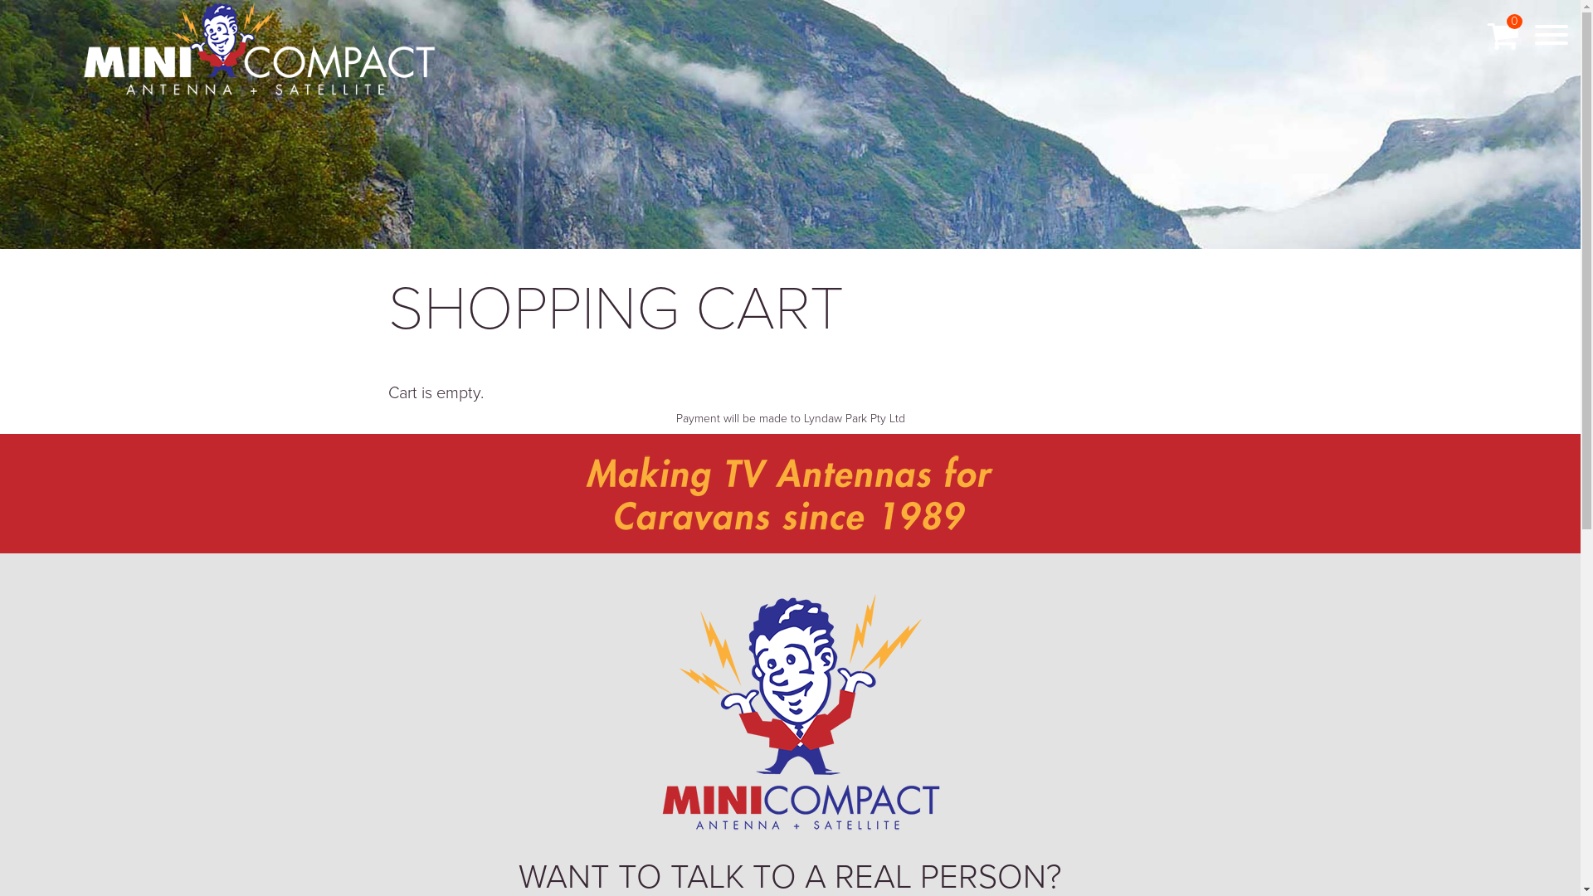 This screenshot has height=896, width=1593. I want to click on '0', so click(1503, 36).